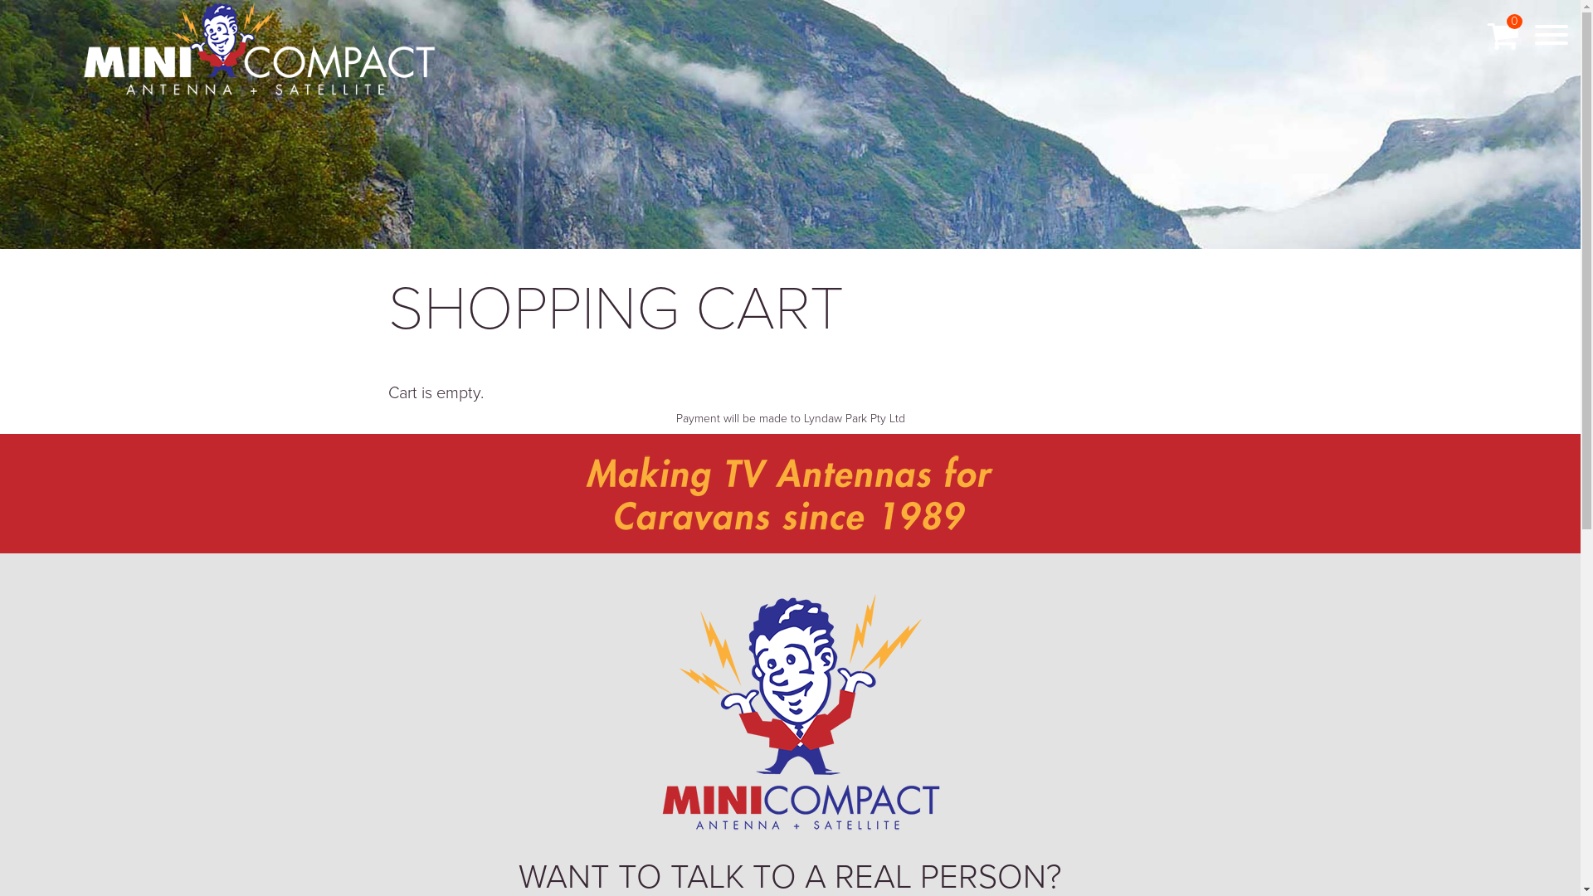 This screenshot has height=896, width=1593. I want to click on '0', so click(1503, 36).